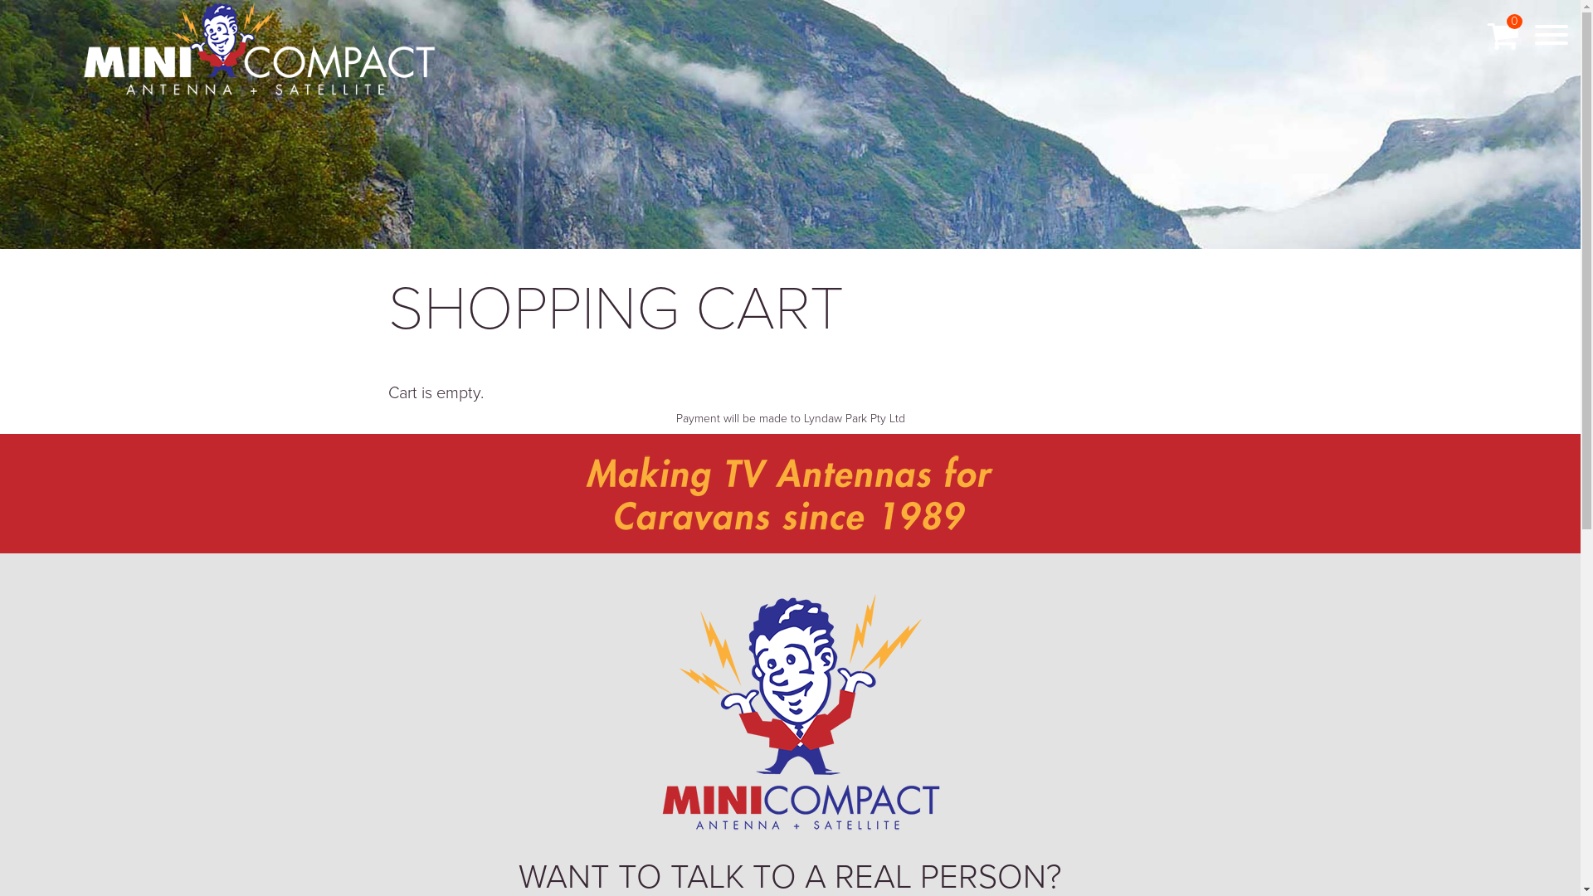 This screenshot has height=896, width=1593. I want to click on '0', so click(1503, 36).